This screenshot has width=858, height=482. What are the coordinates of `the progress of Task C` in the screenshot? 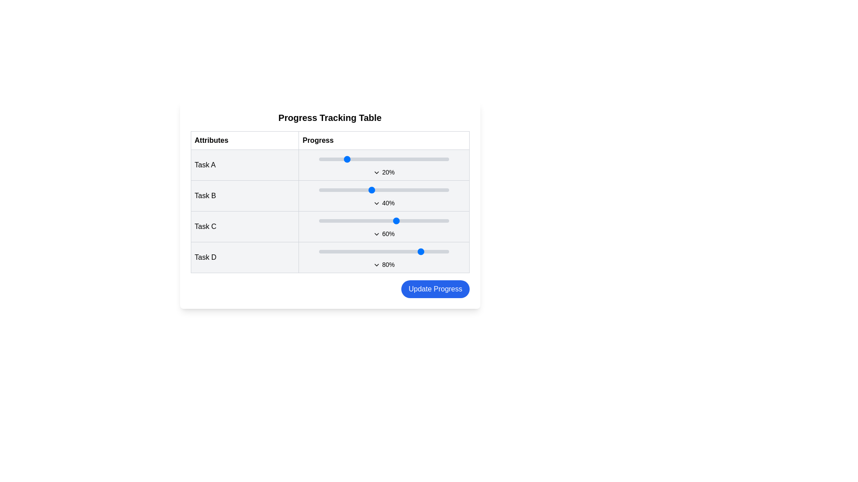 It's located at (400, 220).